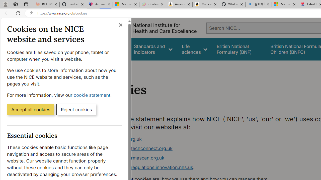  Describe the element at coordinates (30, 109) in the screenshot. I see `'Accept all cookies'` at that location.